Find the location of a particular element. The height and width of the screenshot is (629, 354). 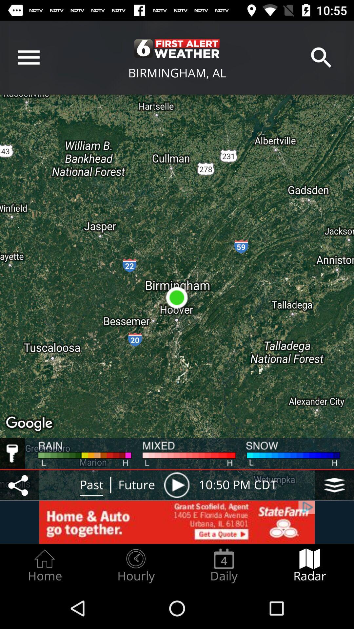

the icon to the left of daily is located at coordinates (135, 565).